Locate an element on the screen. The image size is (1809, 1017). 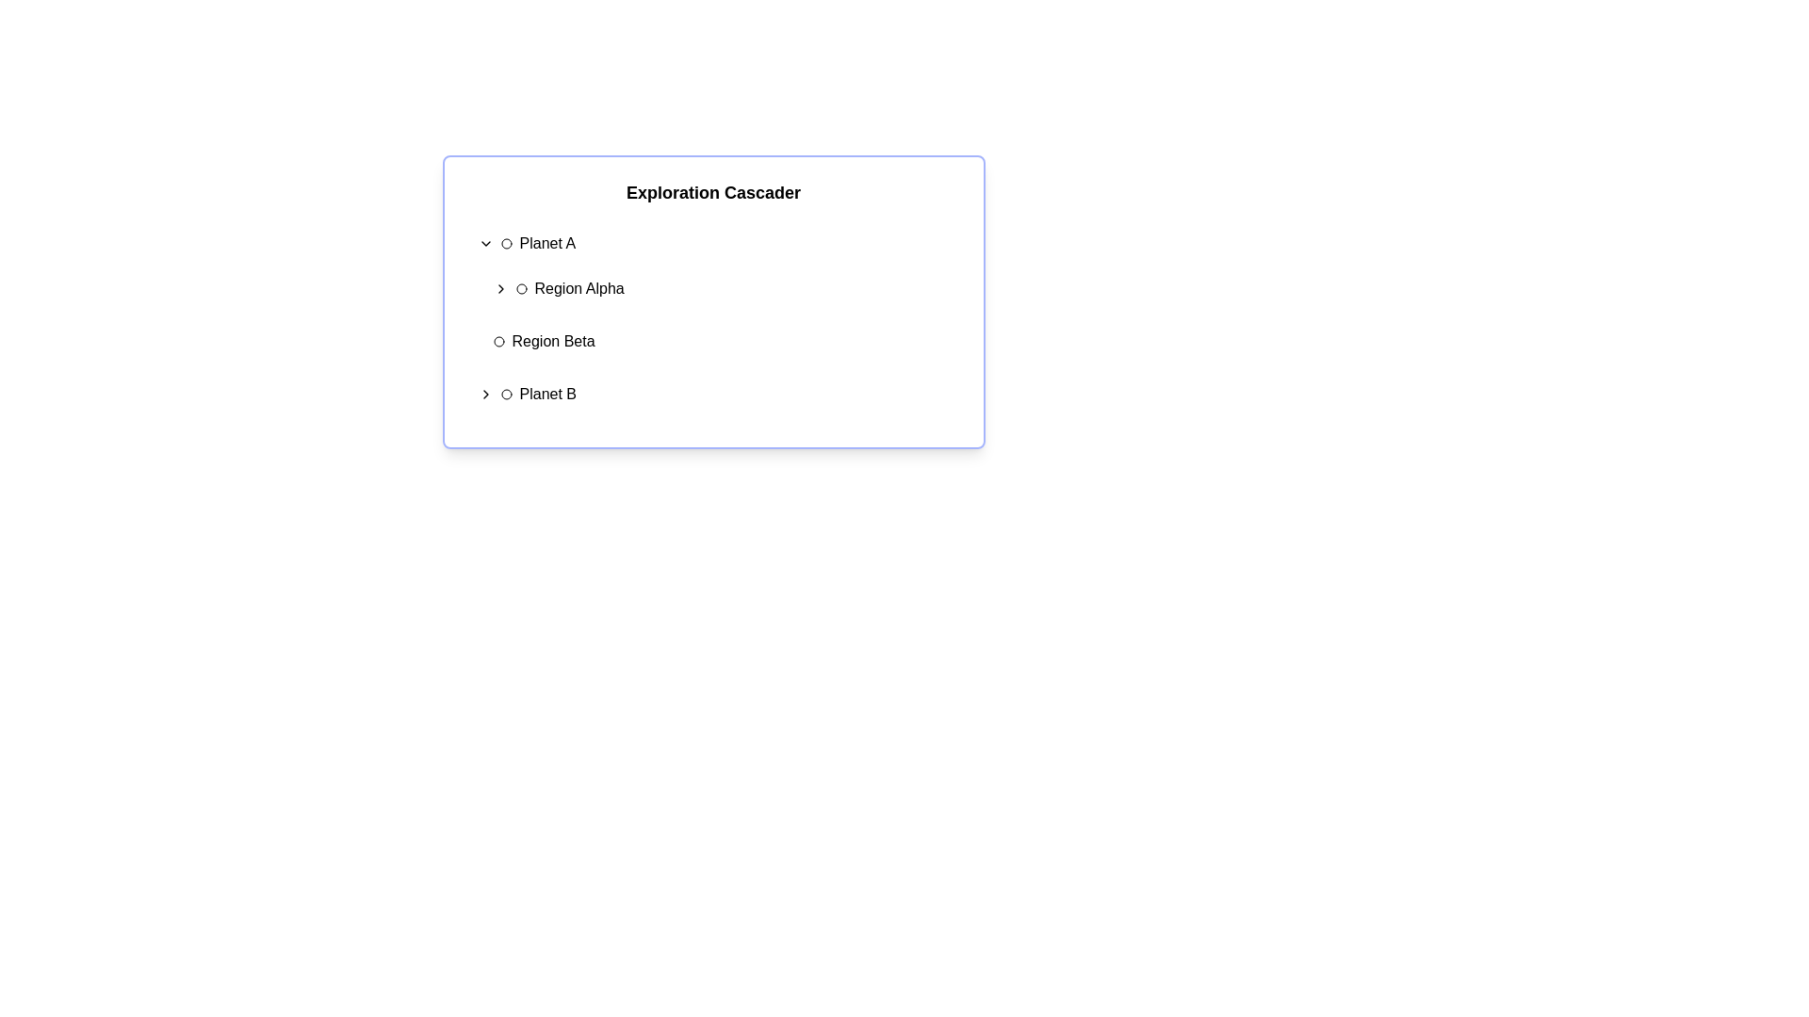
the 'Region Beta' selectable option, which is the second element under the 'Exploration Cascader' menu is located at coordinates (720, 341).